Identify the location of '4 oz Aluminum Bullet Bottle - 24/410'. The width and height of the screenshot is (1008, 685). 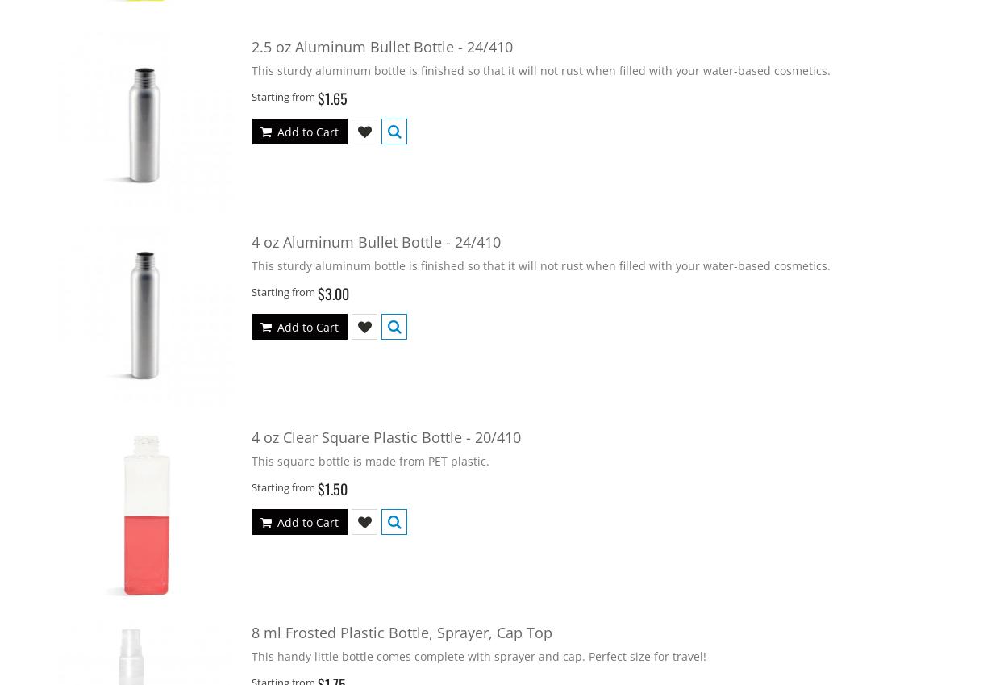
(375, 240).